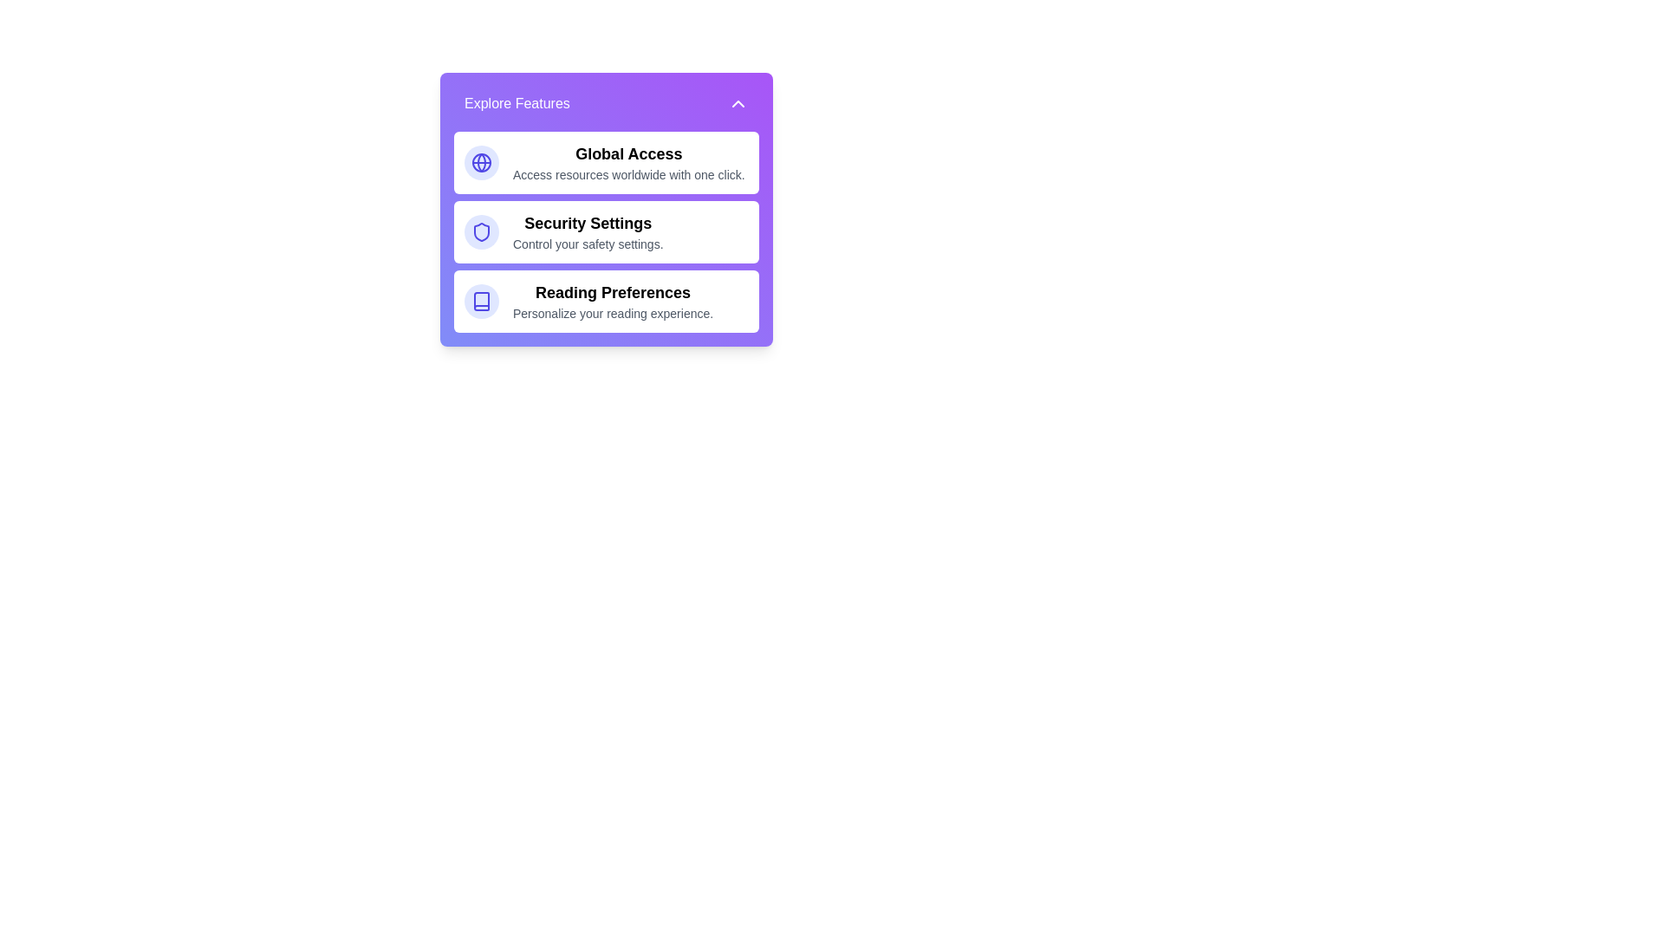 Image resolution: width=1664 pixels, height=936 pixels. What do you see at coordinates (588, 223) in the screenshot?
I see `the static text label that reads 'Security Settings', which is bold and black against a white background, positioned within the 'Security Settings Control your safety settings.' section` at bounding box center [588, 223].